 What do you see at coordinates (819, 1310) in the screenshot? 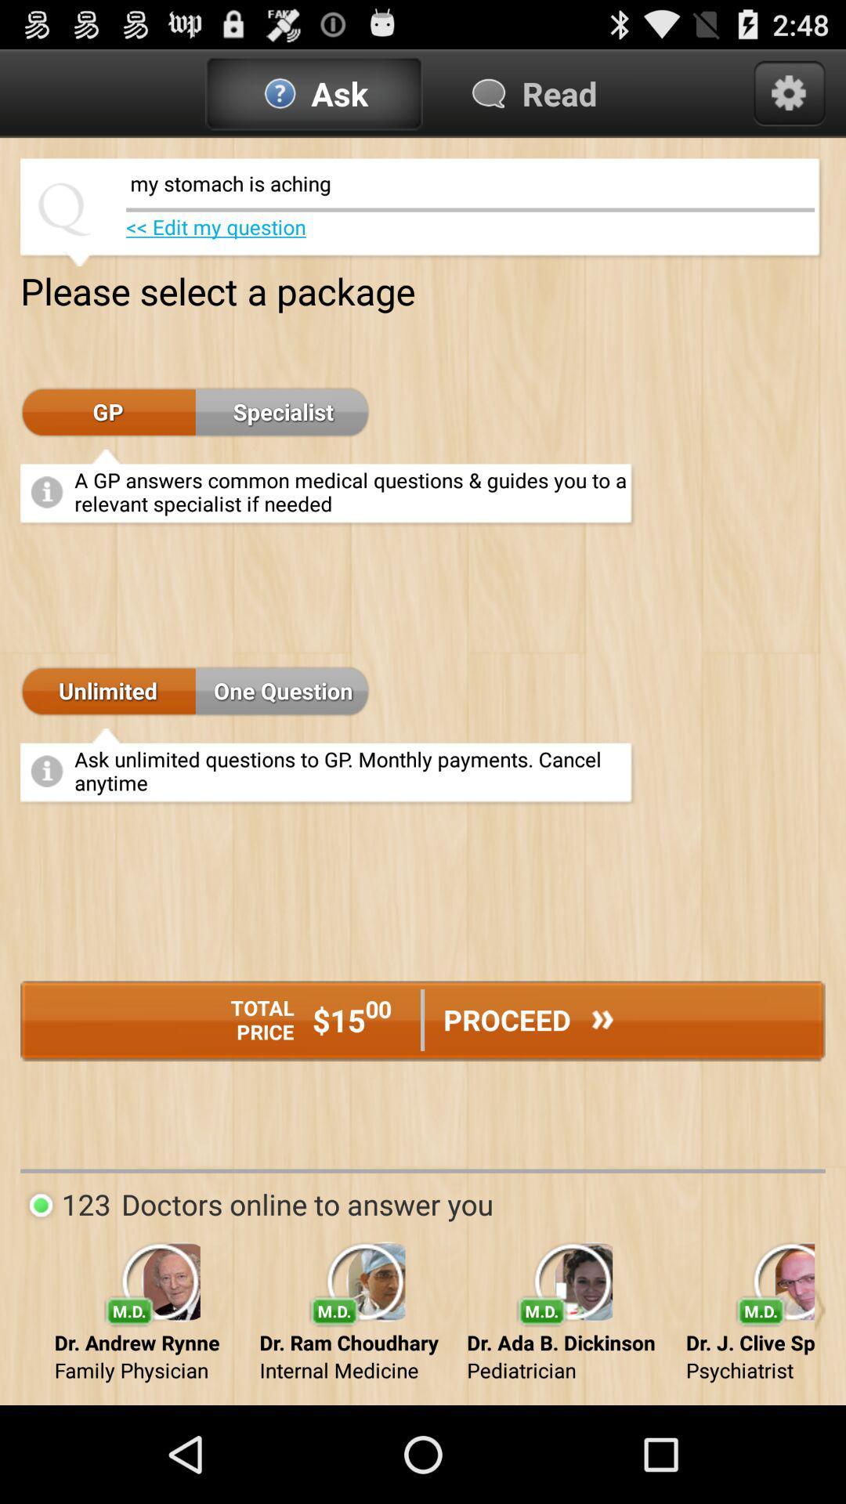
I see `talk to a person` at bounding box center [819, 1310].